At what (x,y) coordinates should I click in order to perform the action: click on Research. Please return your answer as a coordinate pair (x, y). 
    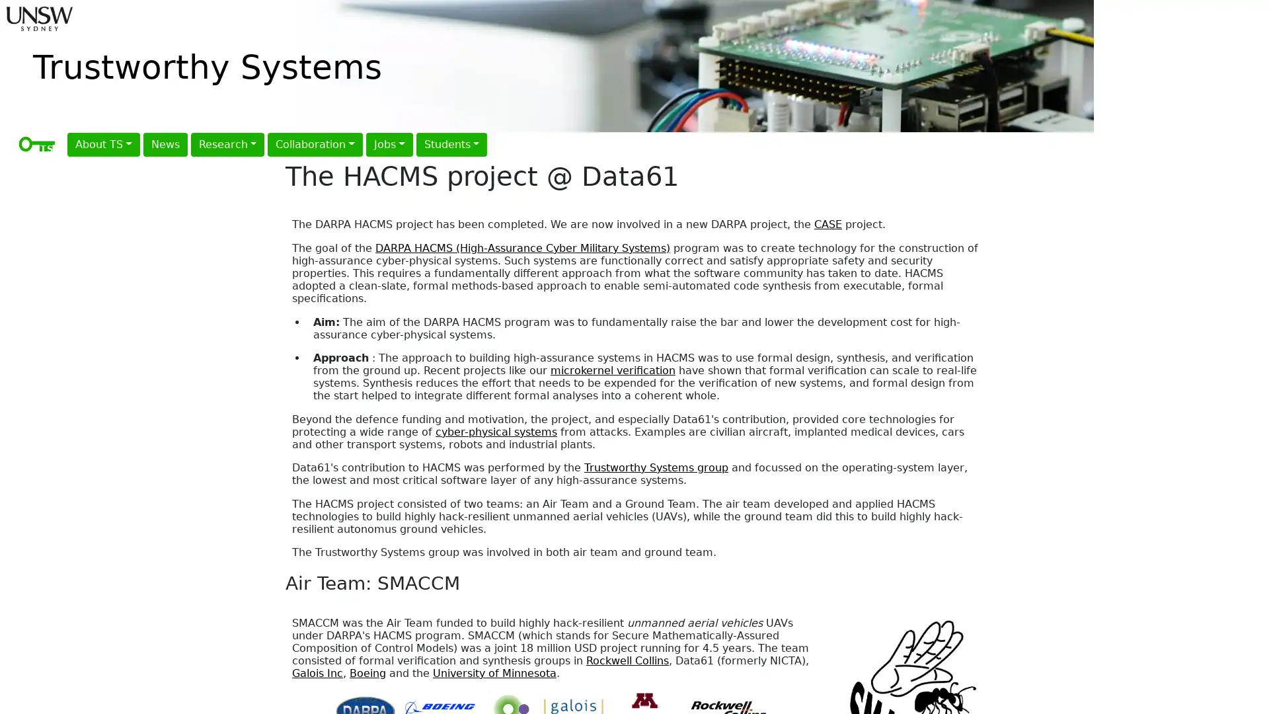
    Looking at the image, I should click on (227, 144).